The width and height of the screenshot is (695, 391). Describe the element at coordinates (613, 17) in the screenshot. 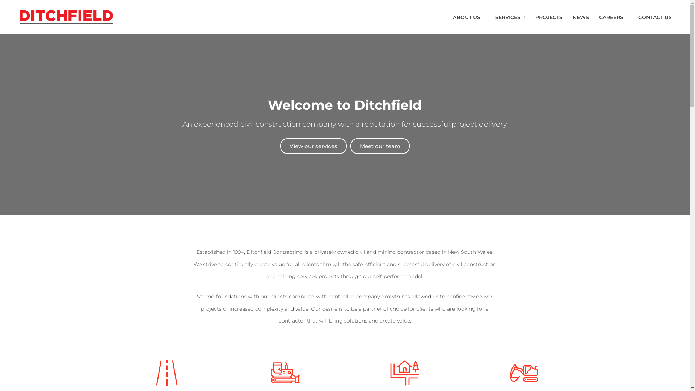

I see `'CAREERS'` at that location.